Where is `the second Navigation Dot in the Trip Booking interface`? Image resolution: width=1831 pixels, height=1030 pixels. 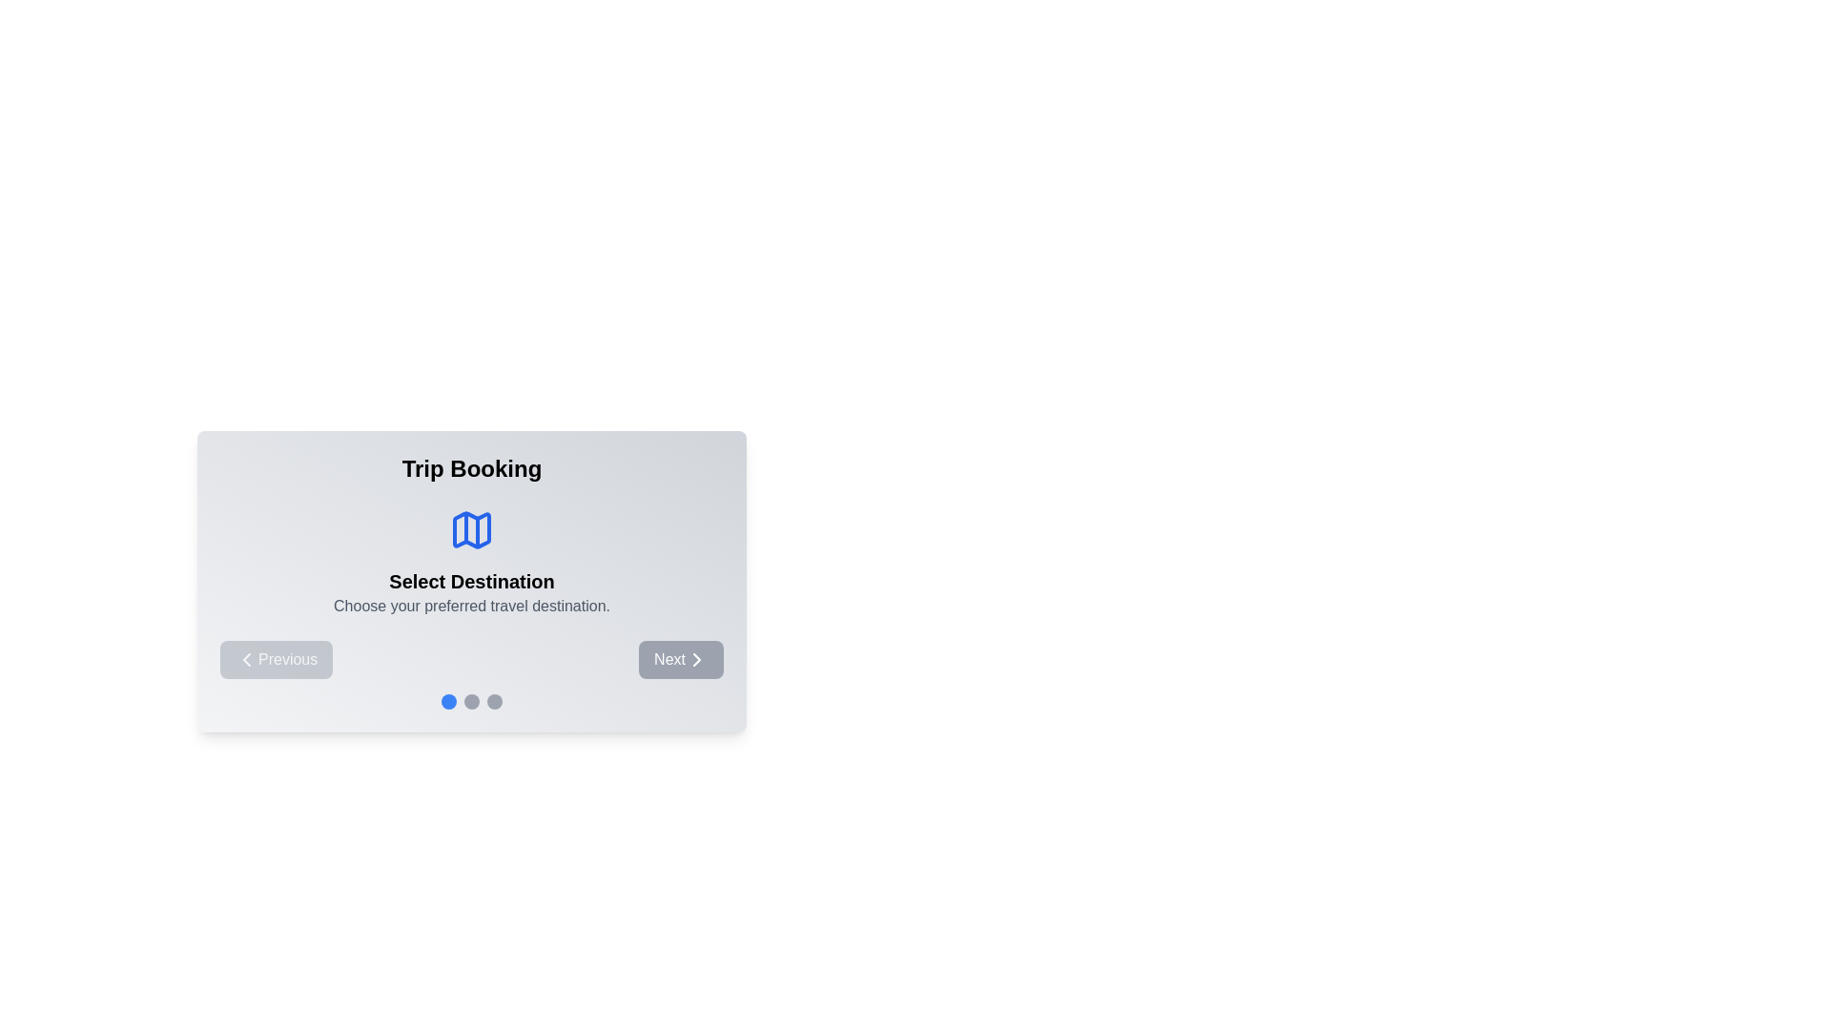 the second Navigation Dot in the Trip Booking interface is located at coordinates (471, 702).